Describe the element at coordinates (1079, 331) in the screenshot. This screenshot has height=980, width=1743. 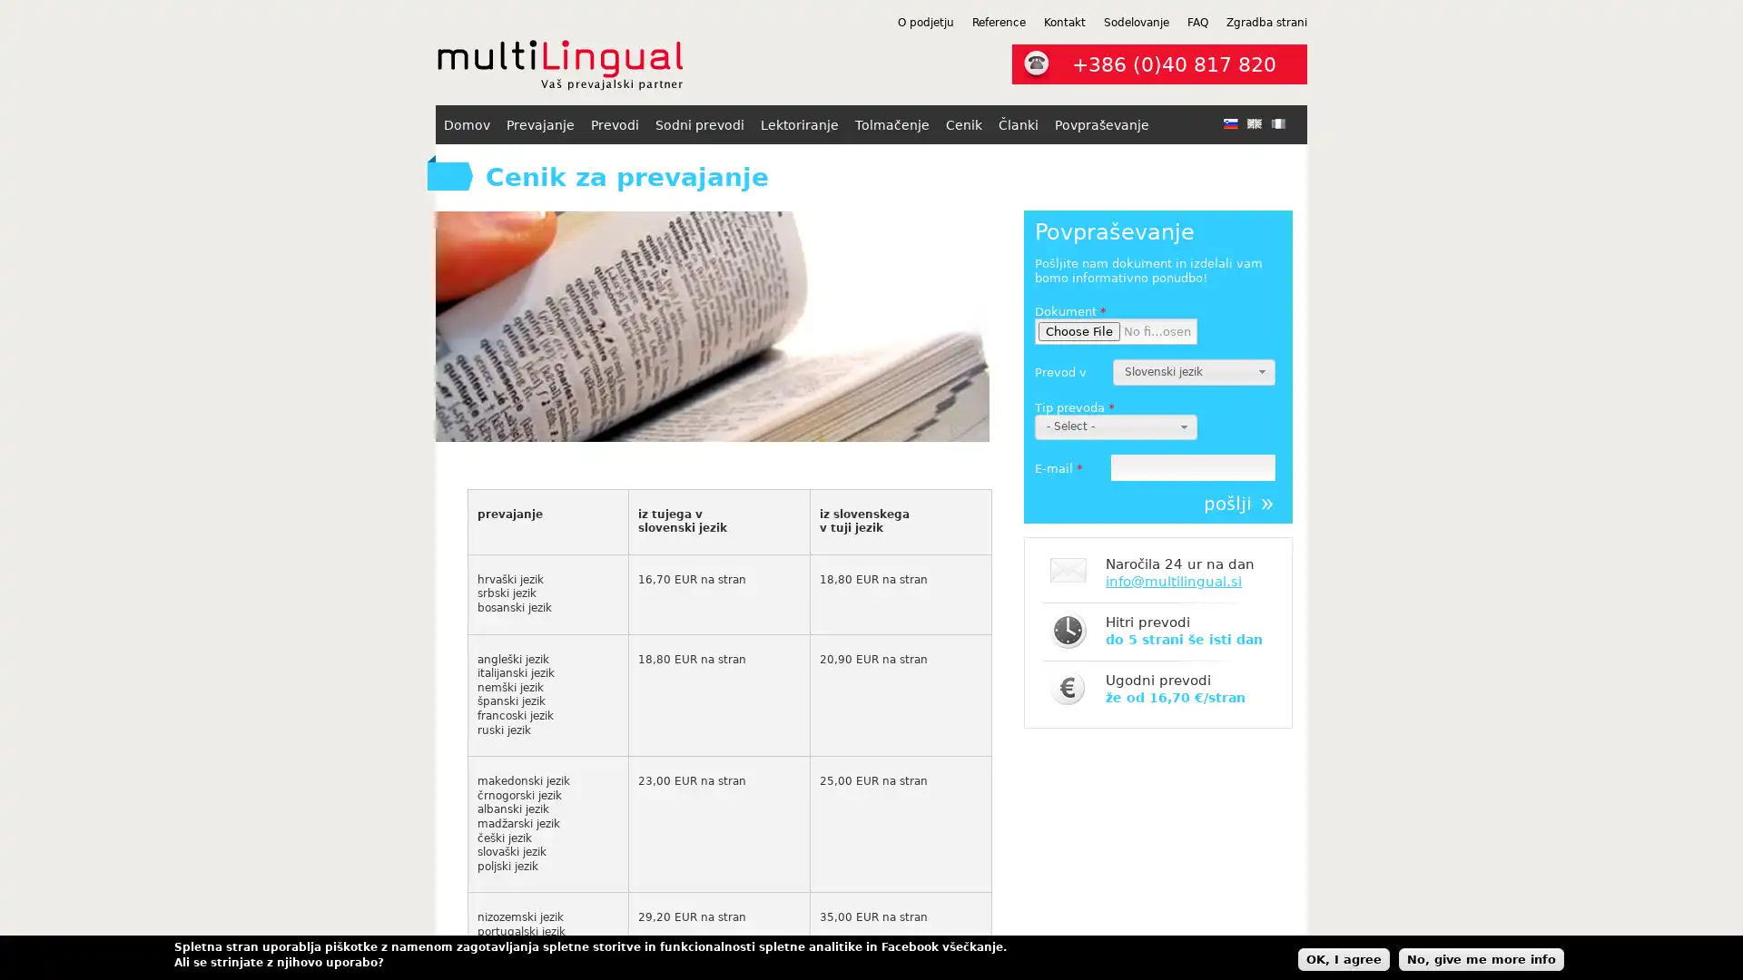
I see `Choose File` at that location.